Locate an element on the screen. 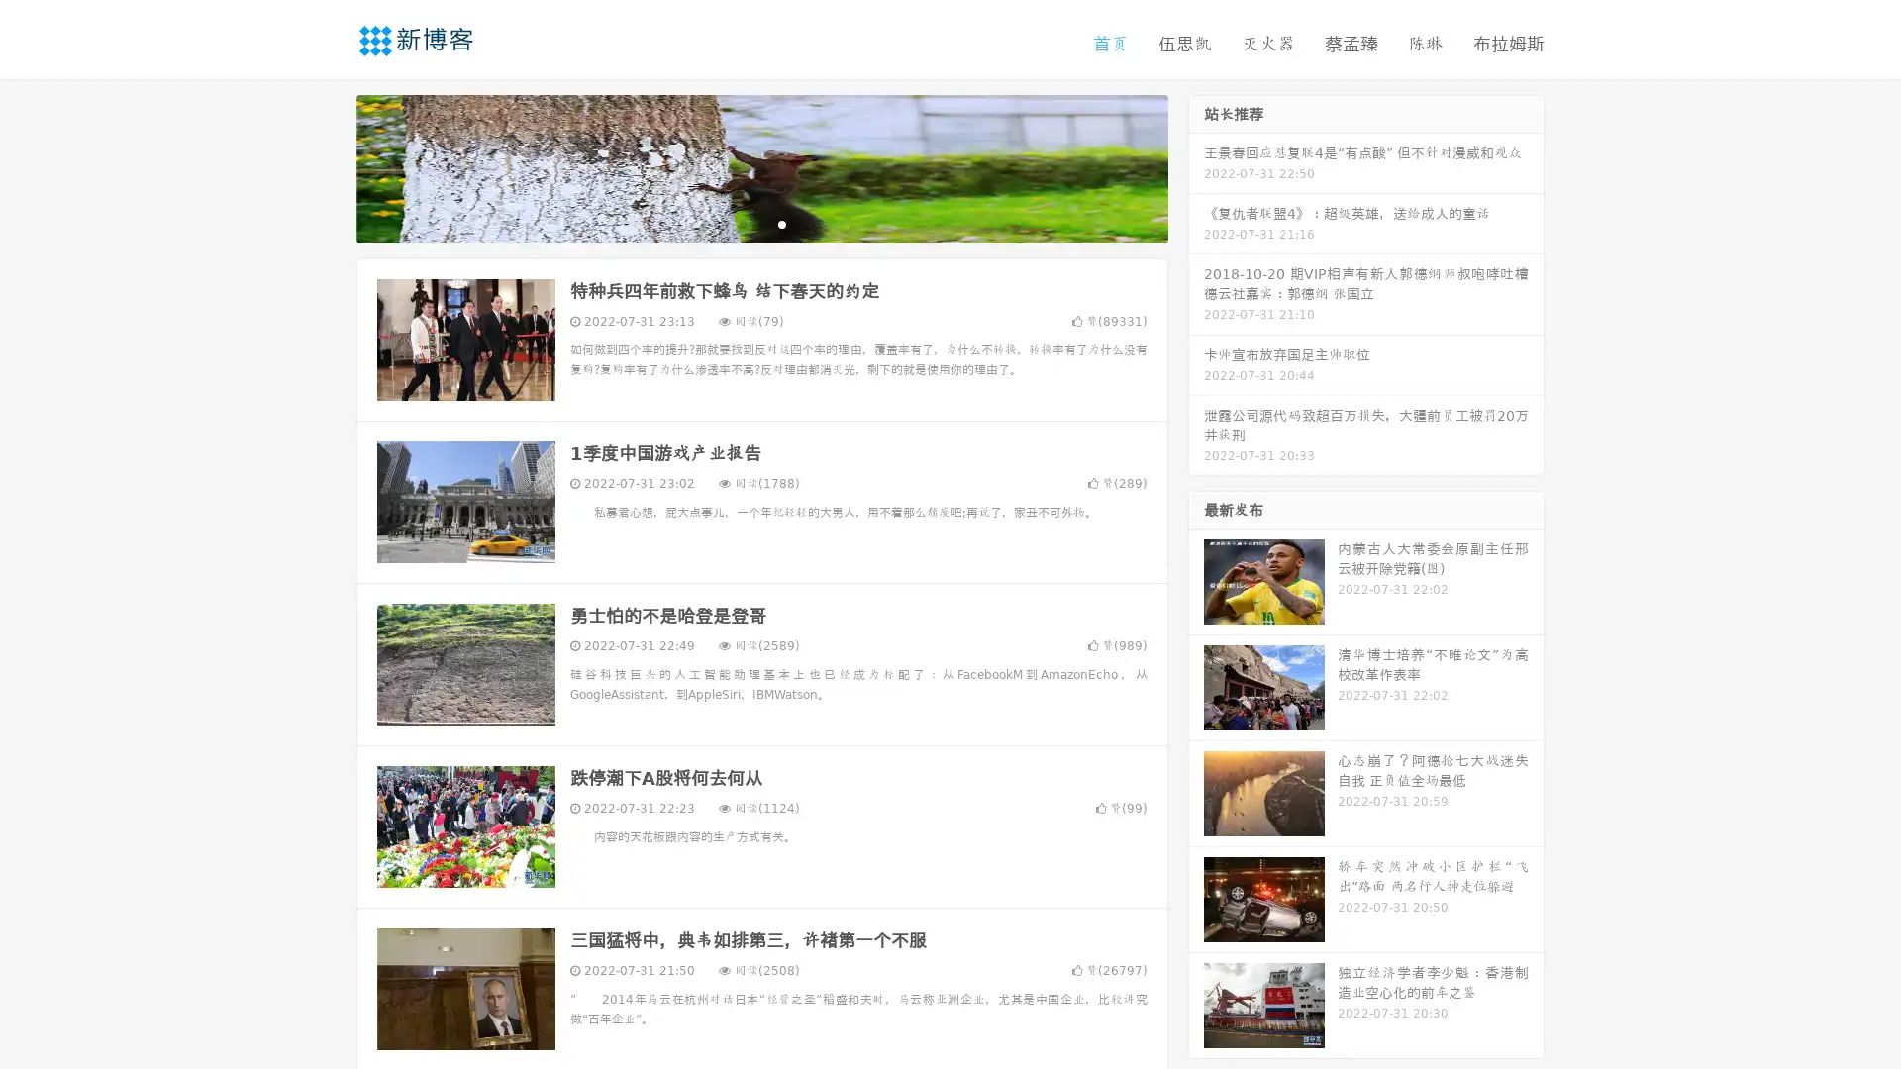 This screenshot has height=1069, width=1901. Go to slide 1 is located at coordinates (741, 223).